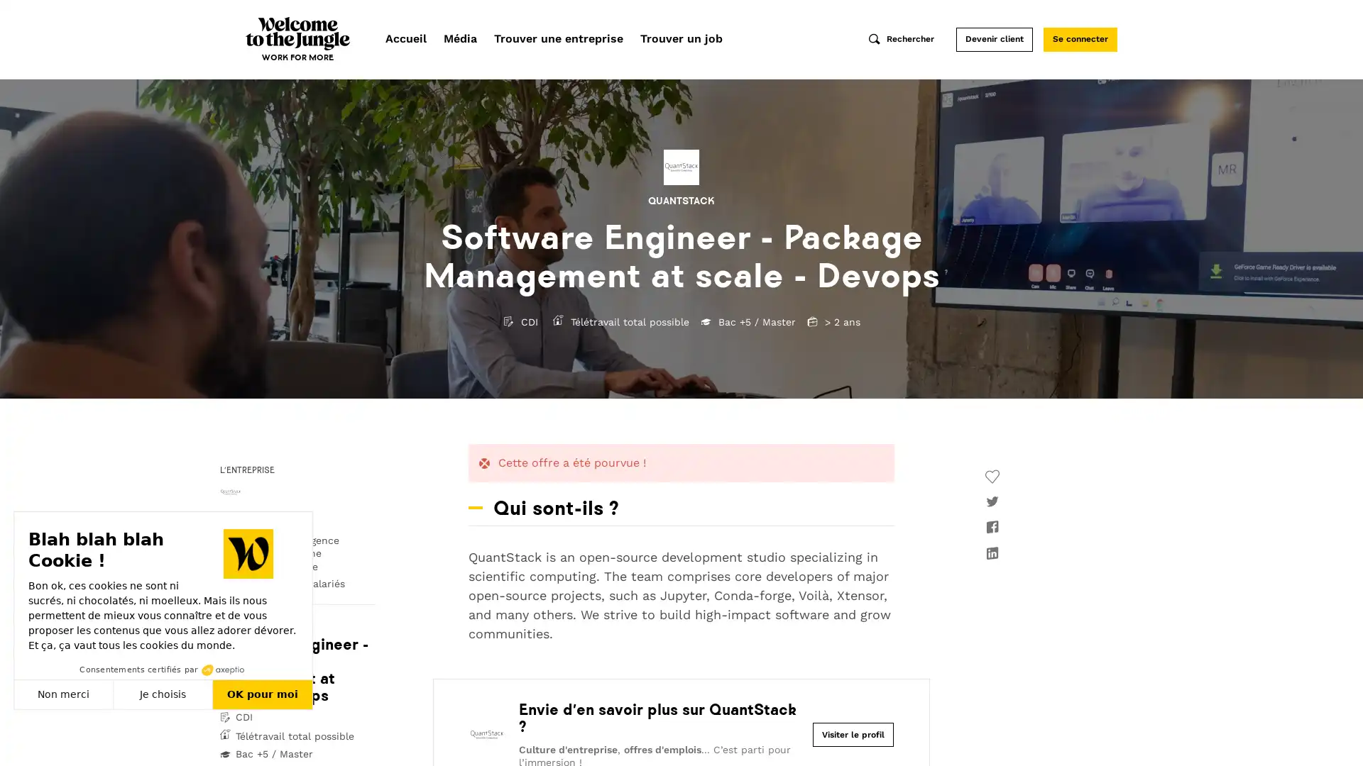  Describe the element at coordinates (163, 694) in the screenshot. I see `Je choisis` at that location.